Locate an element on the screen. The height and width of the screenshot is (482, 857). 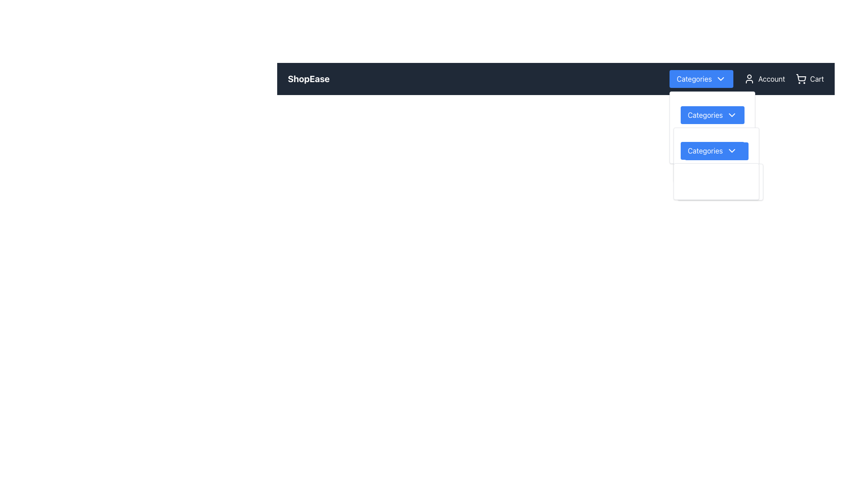
the downward-pointing chevron icon adjacent to the 'Categories' text is located at coordinates (720, 79).